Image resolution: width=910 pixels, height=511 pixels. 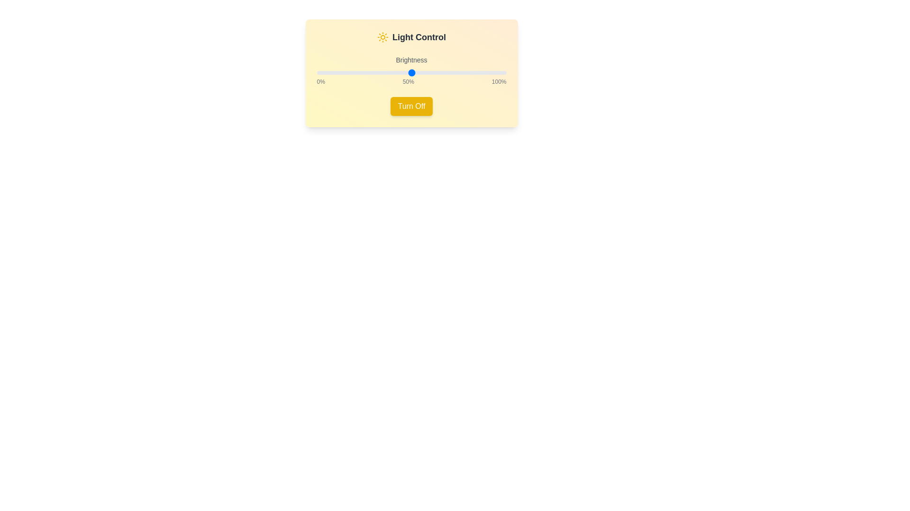 I want to click on value displayed in the middle text label showing '50%' which is positioned centrally between '0%' and '100%' labels below the slider control, so click(x=408, y=81).